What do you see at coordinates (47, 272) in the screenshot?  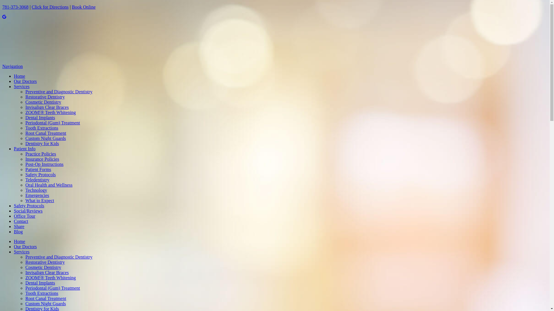 I see `'Invisalign Clear Braces'` at bounding box center [47, 272].